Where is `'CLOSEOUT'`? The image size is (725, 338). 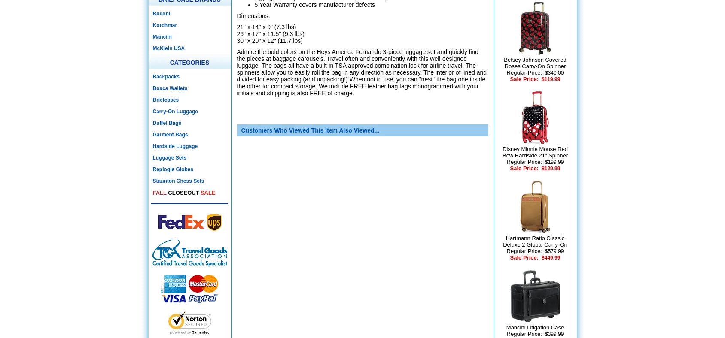
'CLOSEOUT' is located at coordinates (183, 192).